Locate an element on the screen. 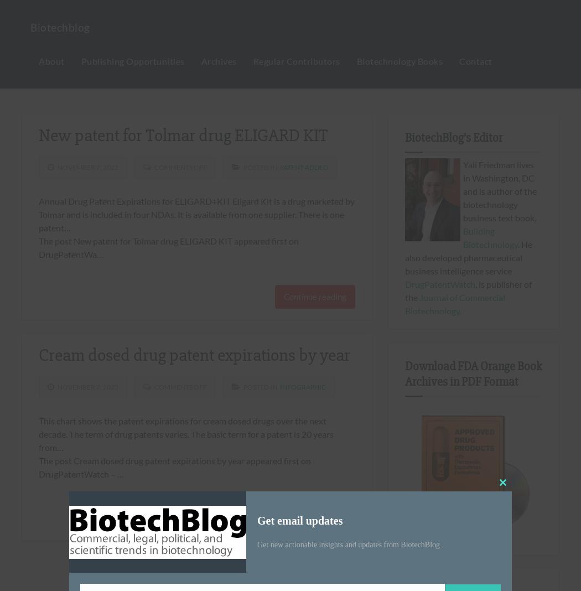  'The post Cream dosed drug patent expirations by year appeared first on DrugPatentWatch – …' is located at coordinates (175, 466).